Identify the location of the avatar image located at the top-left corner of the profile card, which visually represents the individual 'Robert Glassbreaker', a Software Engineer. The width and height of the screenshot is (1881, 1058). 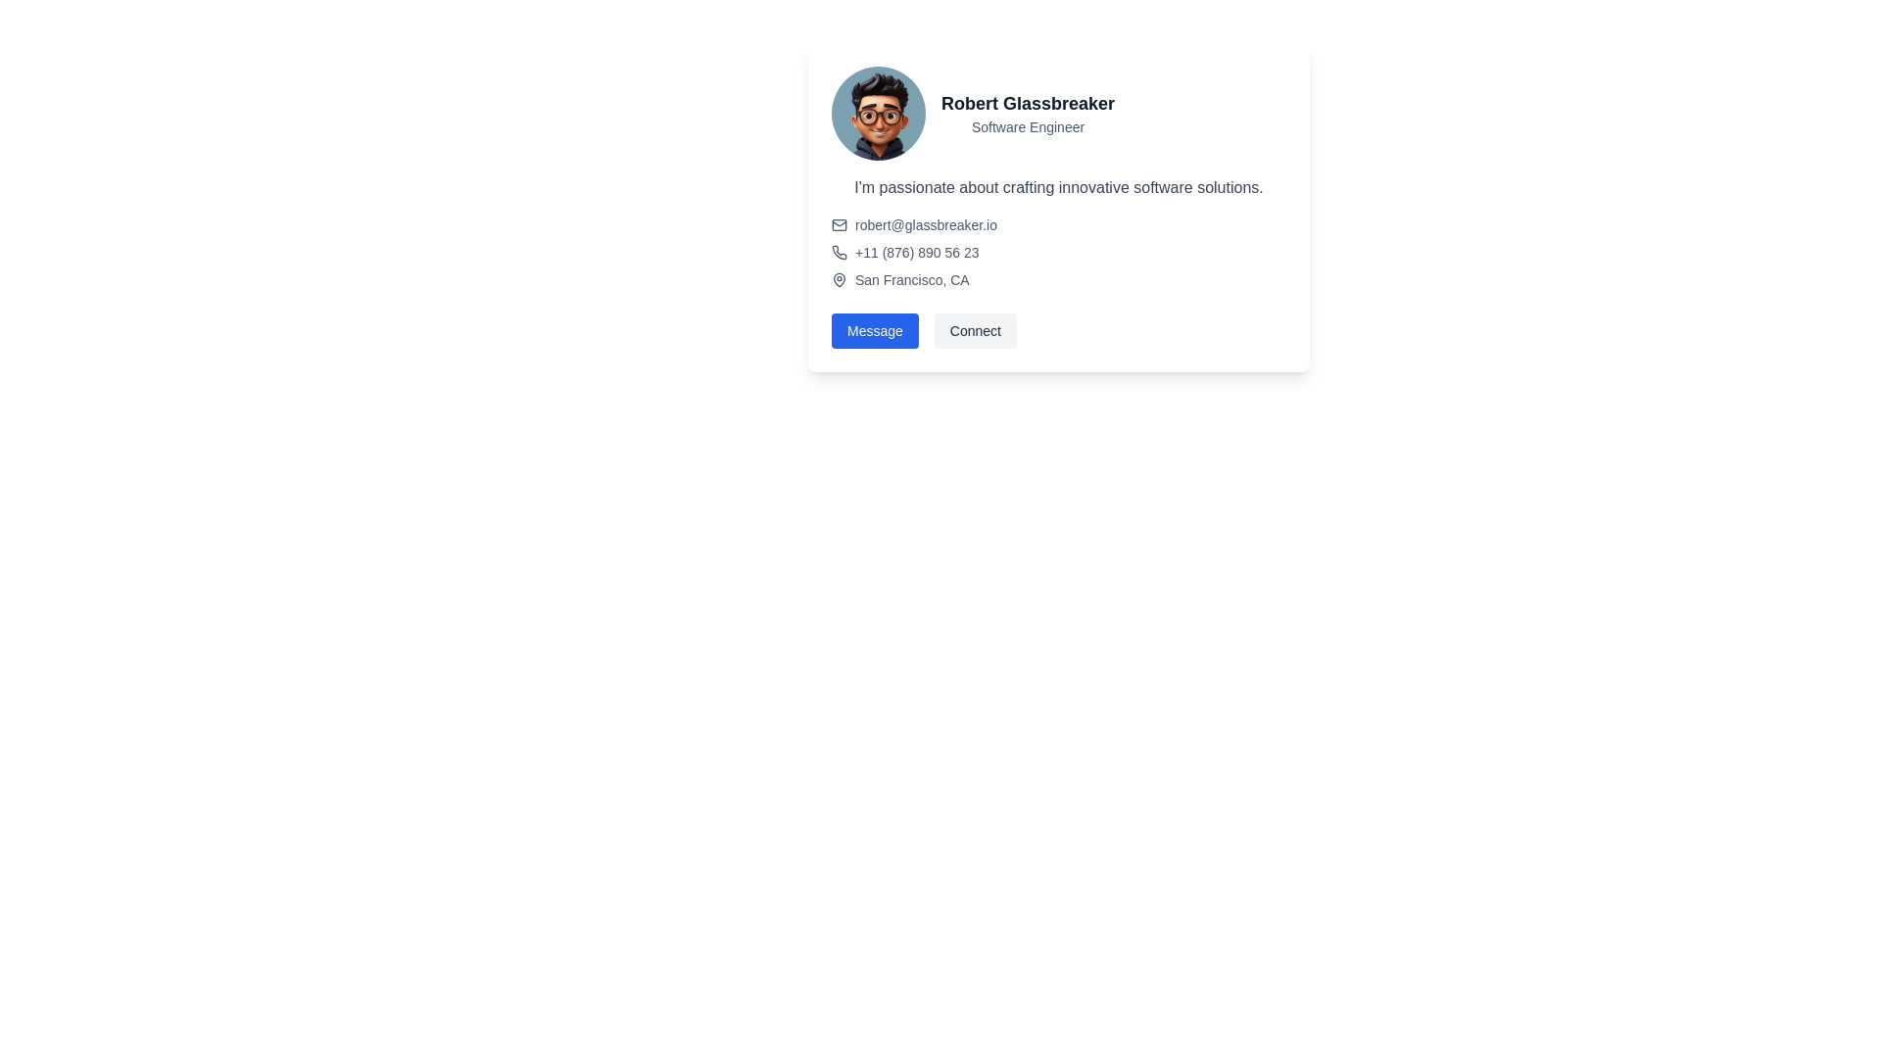
(878, 113).